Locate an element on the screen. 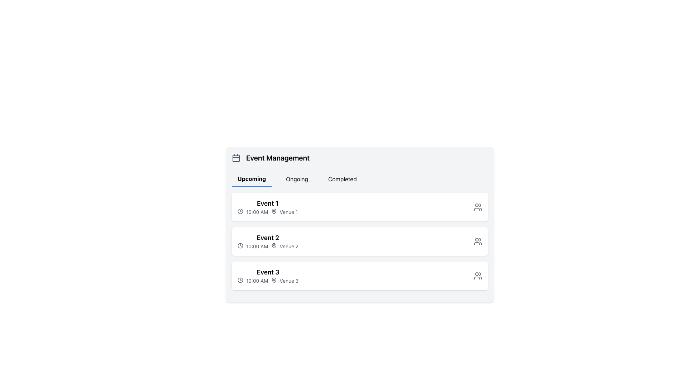 This screenshot has height=387, width=688. the map pin icon in the 'Event 3' section, which is located immediately before the text 'Venue 3' is located at coordinates (273, 280).